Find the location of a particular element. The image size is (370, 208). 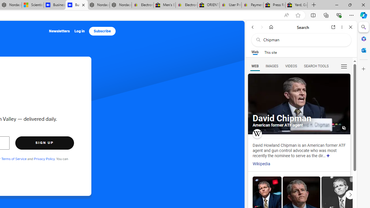

'All images' is located at coordinates (299, 104).